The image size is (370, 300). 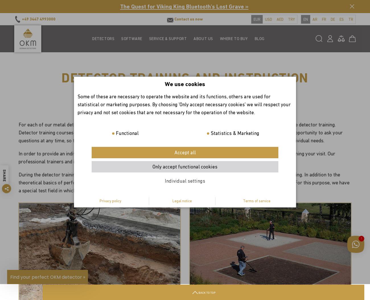 I want to click on 'TR', so click(x=348, y=19).